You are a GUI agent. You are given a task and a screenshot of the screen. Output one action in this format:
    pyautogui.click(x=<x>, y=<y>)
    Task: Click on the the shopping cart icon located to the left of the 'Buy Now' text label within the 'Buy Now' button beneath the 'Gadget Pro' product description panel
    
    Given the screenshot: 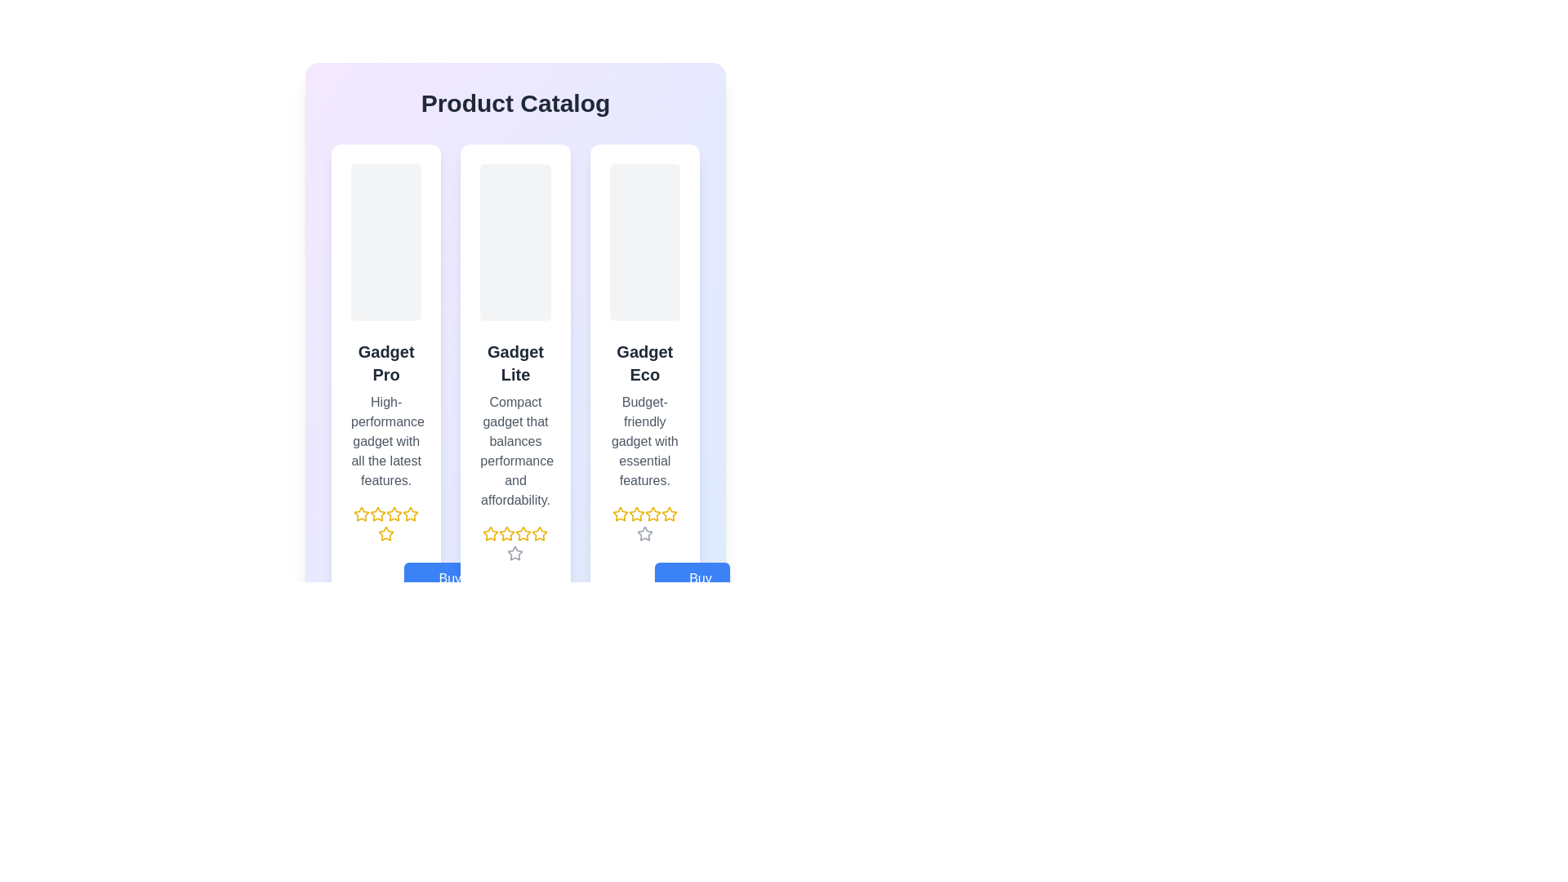 What is the action you would take?
    pyautogui.click(x=422, y=589)
    